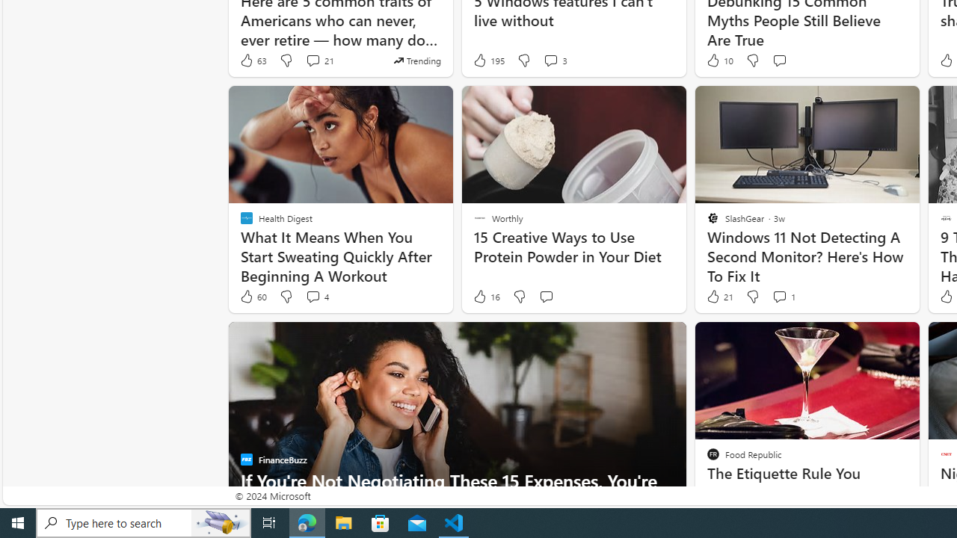 The image size is (957, 538). Describe the element at coordinates (318, 60) in the screenshot. I see `'View comments 21 Comment'` at that location.